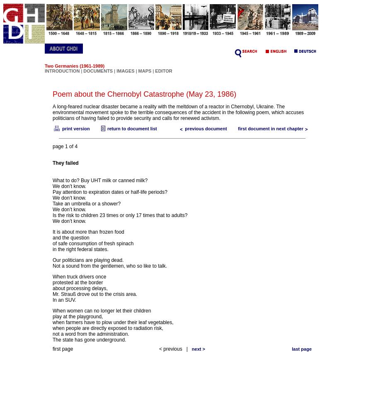 The image size is (373, 415). I want to click on 'return 
                                to document list', so click(131, 129).